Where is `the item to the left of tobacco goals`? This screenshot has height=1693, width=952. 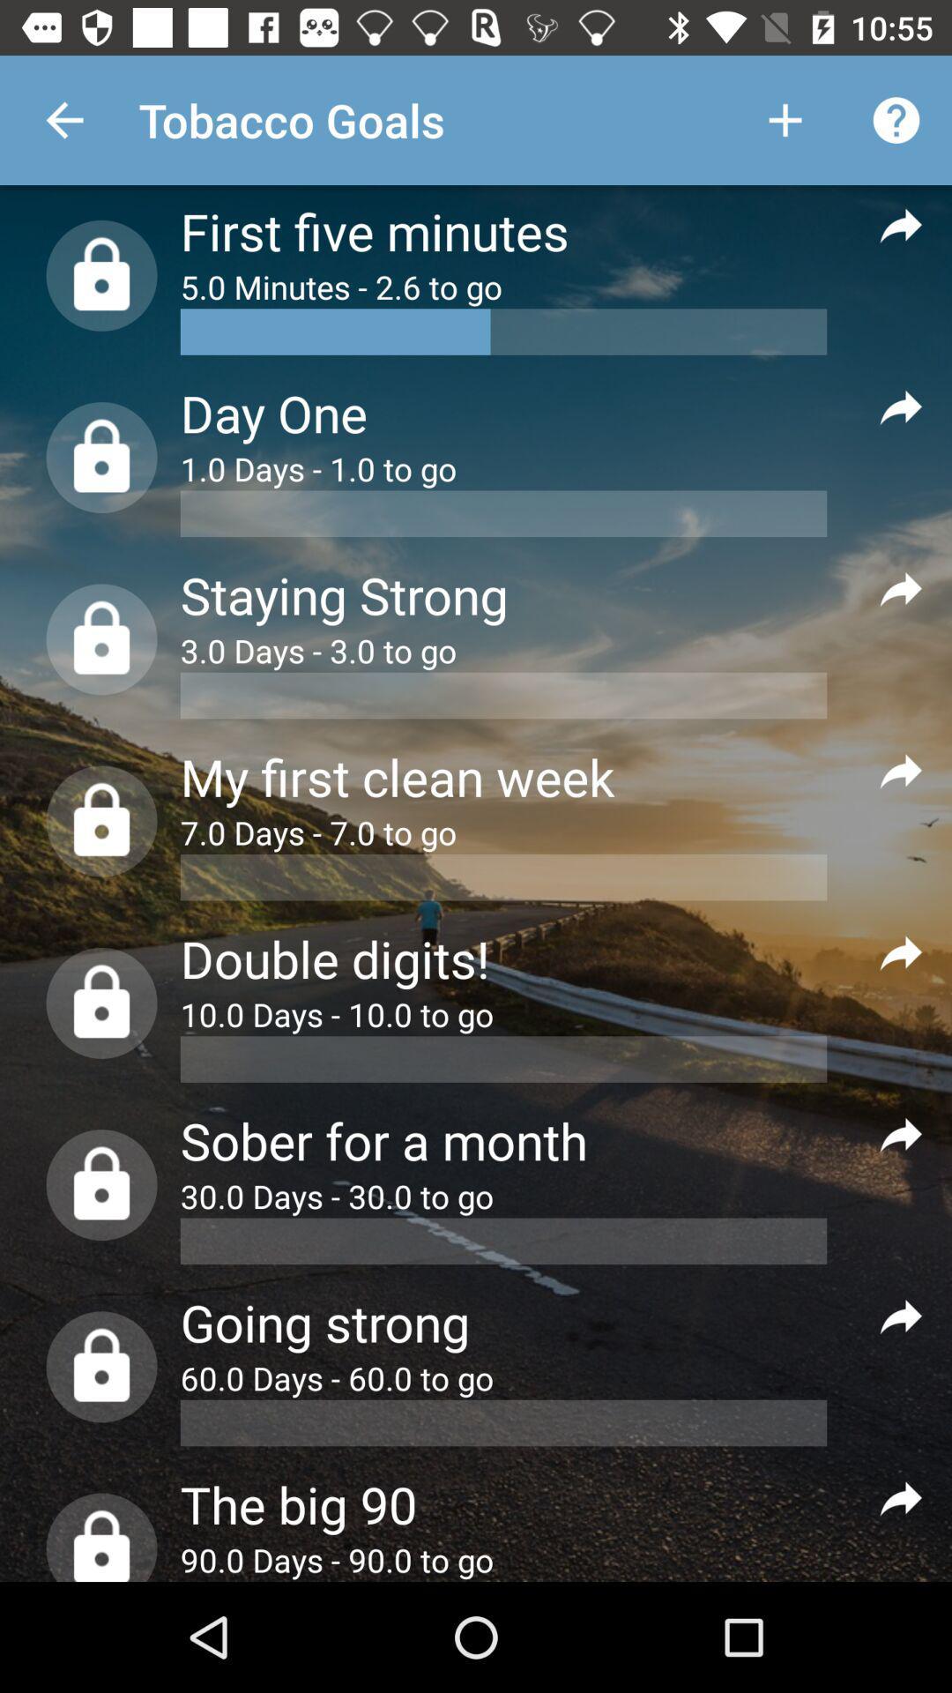
the item to the left of tobacco goals is located at coordinates (63, 119).